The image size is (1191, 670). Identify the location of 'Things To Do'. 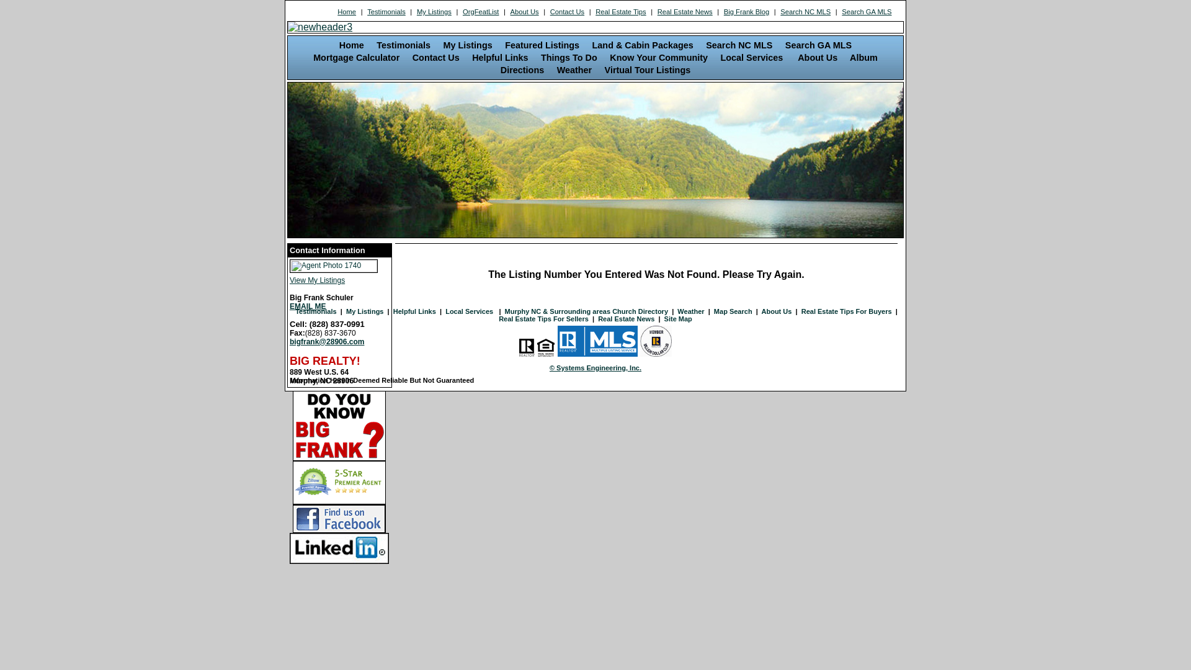
(568, 57).